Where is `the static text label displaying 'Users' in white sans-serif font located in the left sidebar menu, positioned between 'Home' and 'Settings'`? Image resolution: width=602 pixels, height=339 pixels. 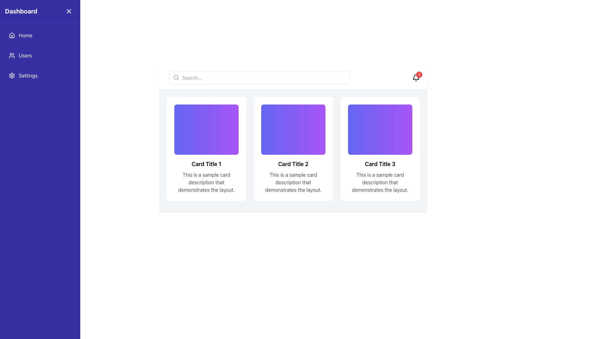
the static text label displaying 'Users' in white sans-serif font located in the left sidebar menu, positioned between 'Home' and 'Settings' is located at coordinates (25, 55).